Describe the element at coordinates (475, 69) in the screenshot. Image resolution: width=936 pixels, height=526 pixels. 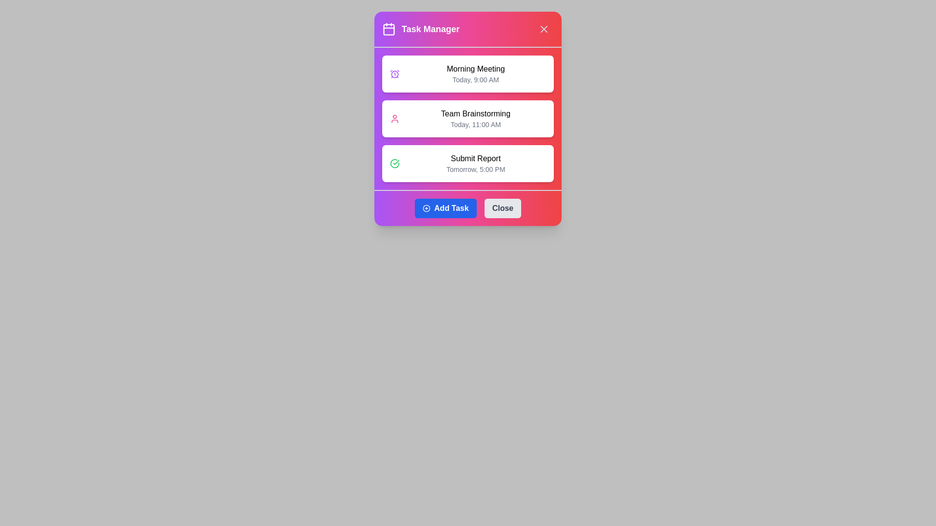
I see `the 'Morning Meeting' text label located at the top of the event card in the 'Task Manager' modal` at that location.